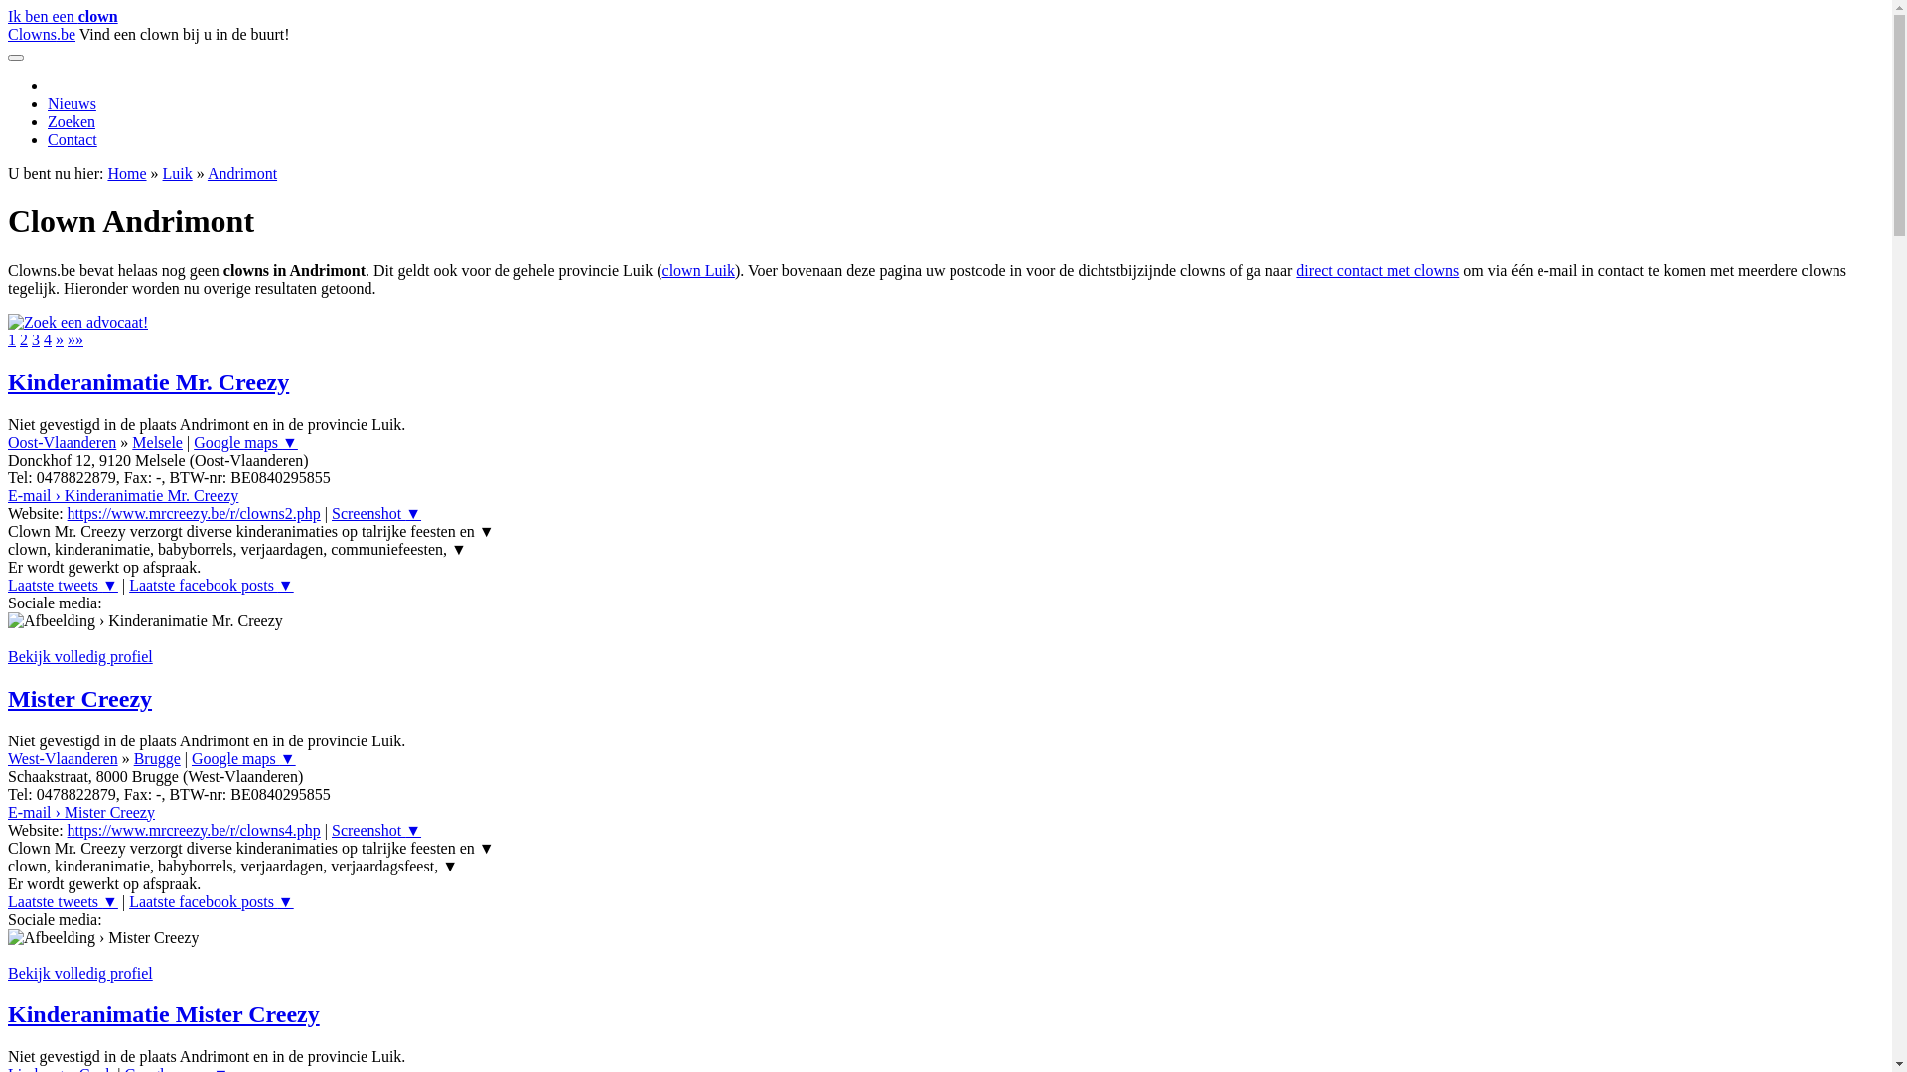 This screenshot has width=1907, height=1072. What do you see at coordinates (162, 172) in the screenshot?
I see `'Luik'` at bounding box center [162, 172].